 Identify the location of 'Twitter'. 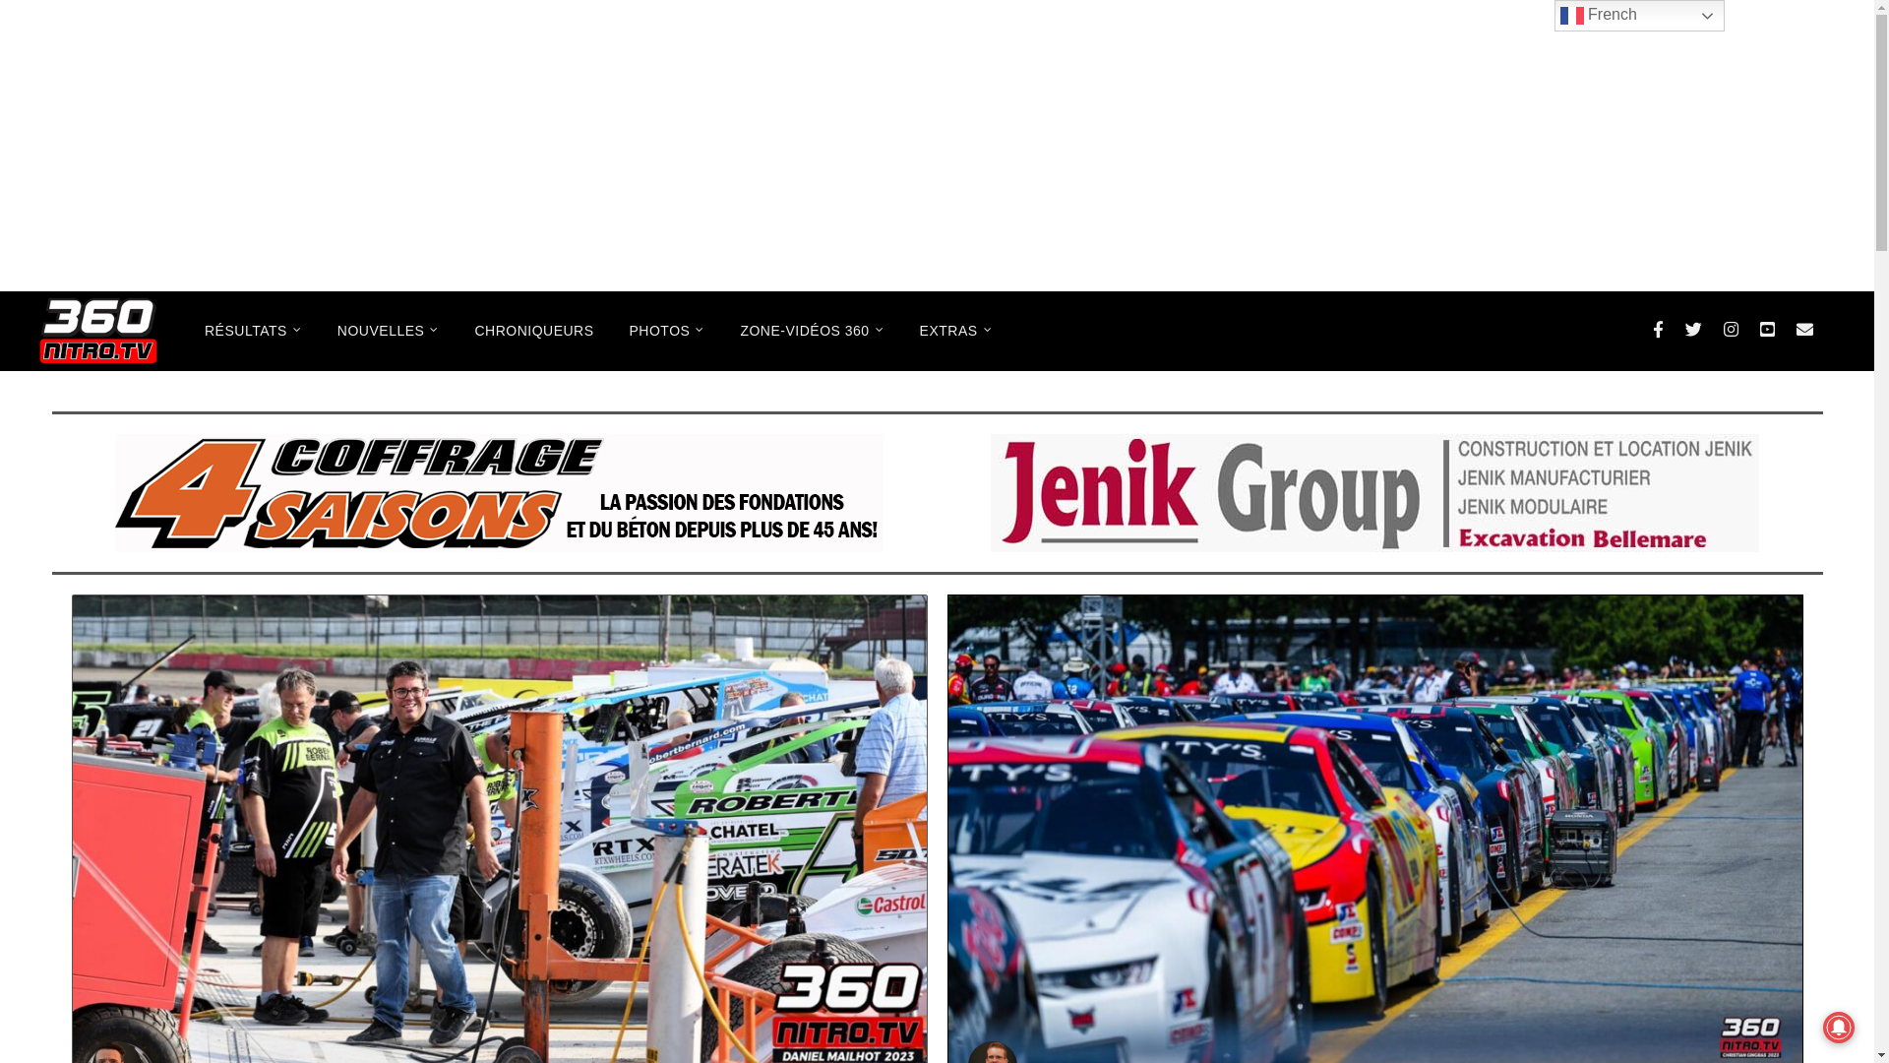
(1692, 329).